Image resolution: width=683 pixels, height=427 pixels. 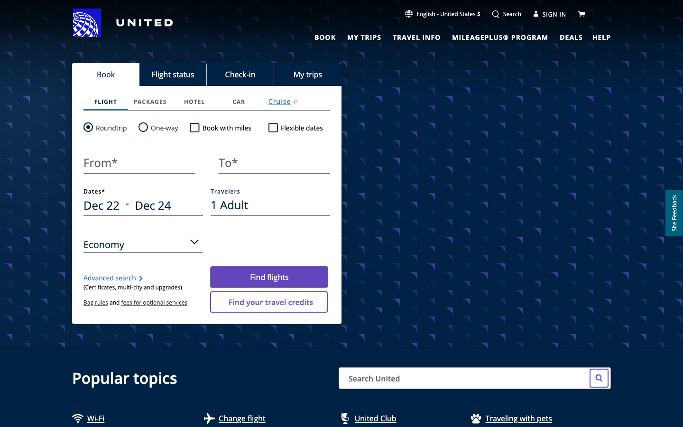 What do you see at coordinates (601, 36) in the screenshot?
I see `Support Link` at bounding box center [601, 36].